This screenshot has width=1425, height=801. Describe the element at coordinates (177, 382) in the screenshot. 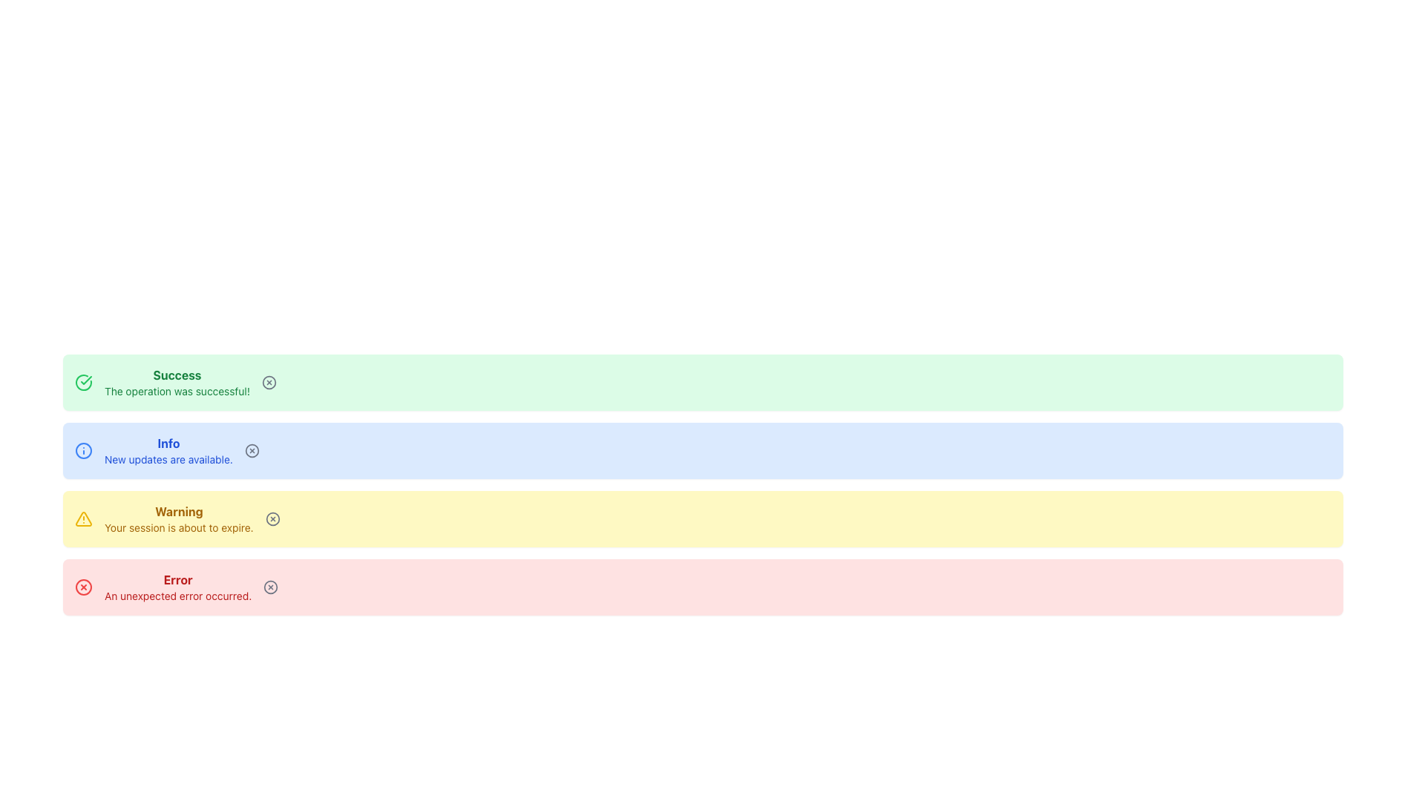

I see `success message displayed in the text block located within the green success message box, positioned to the right of the green circular checkmark icon and to the left of the interactive close icon` at that location.